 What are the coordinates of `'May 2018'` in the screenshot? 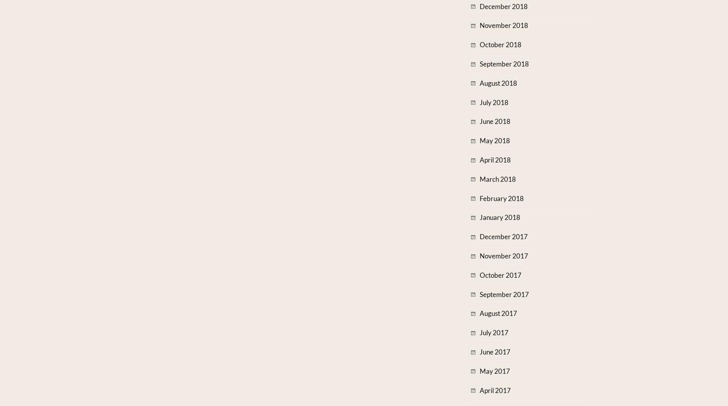 It's located at (479, 140).